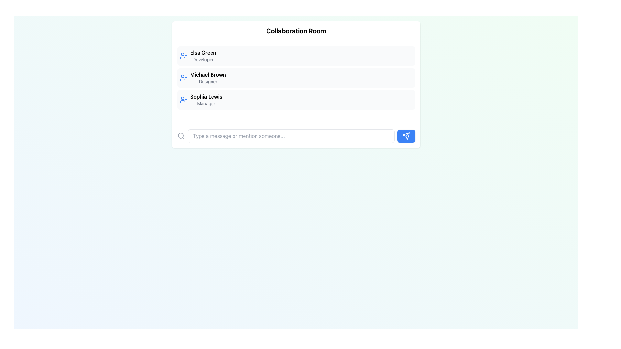 The image size is (621, 349). Describe the element at coordinates (406, 135) in the screenshot. I see `the button located at the rightmost side of the layout that contains a text input field and a search icon` at that location.